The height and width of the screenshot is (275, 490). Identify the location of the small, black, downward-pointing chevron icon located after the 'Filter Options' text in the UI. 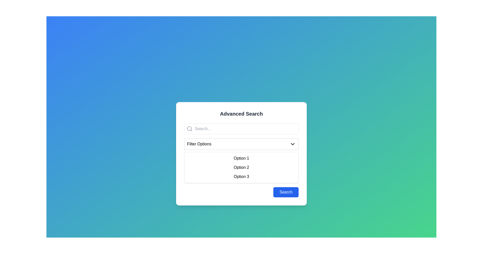
(293, 144).